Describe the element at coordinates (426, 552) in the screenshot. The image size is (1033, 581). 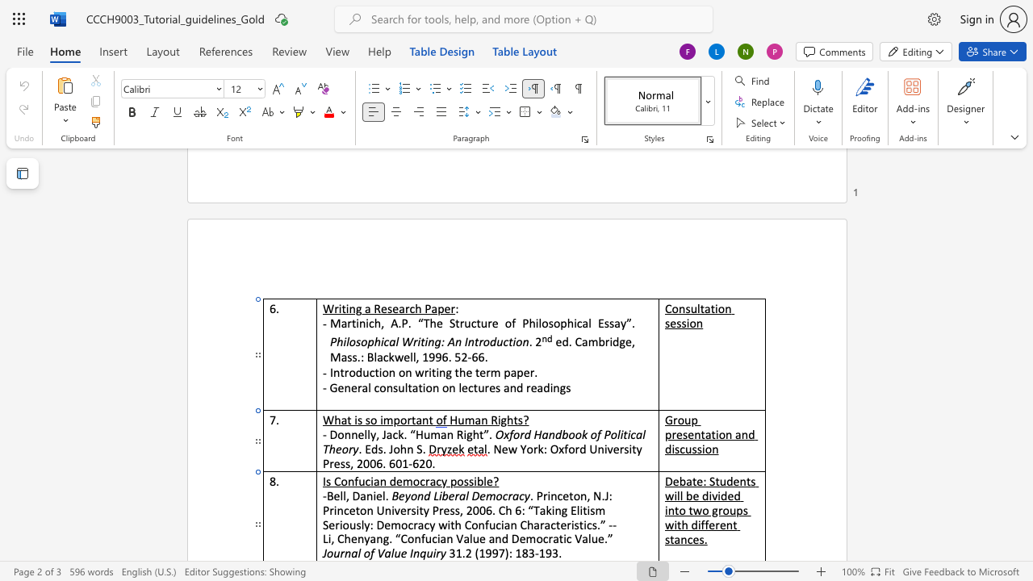
I see `the space between the continuous character "q" and "u" in the text` at that location.